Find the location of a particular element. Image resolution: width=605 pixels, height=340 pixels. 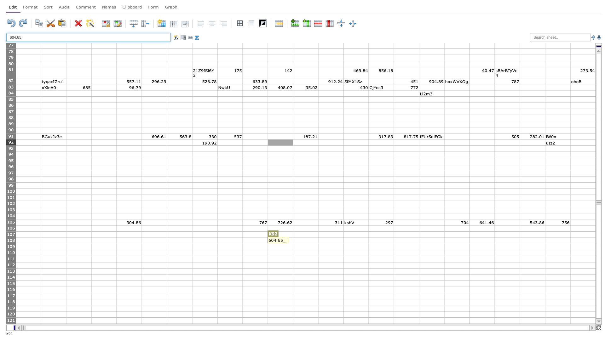

right edge at column L row 108 is located at coordinates (318, 241).